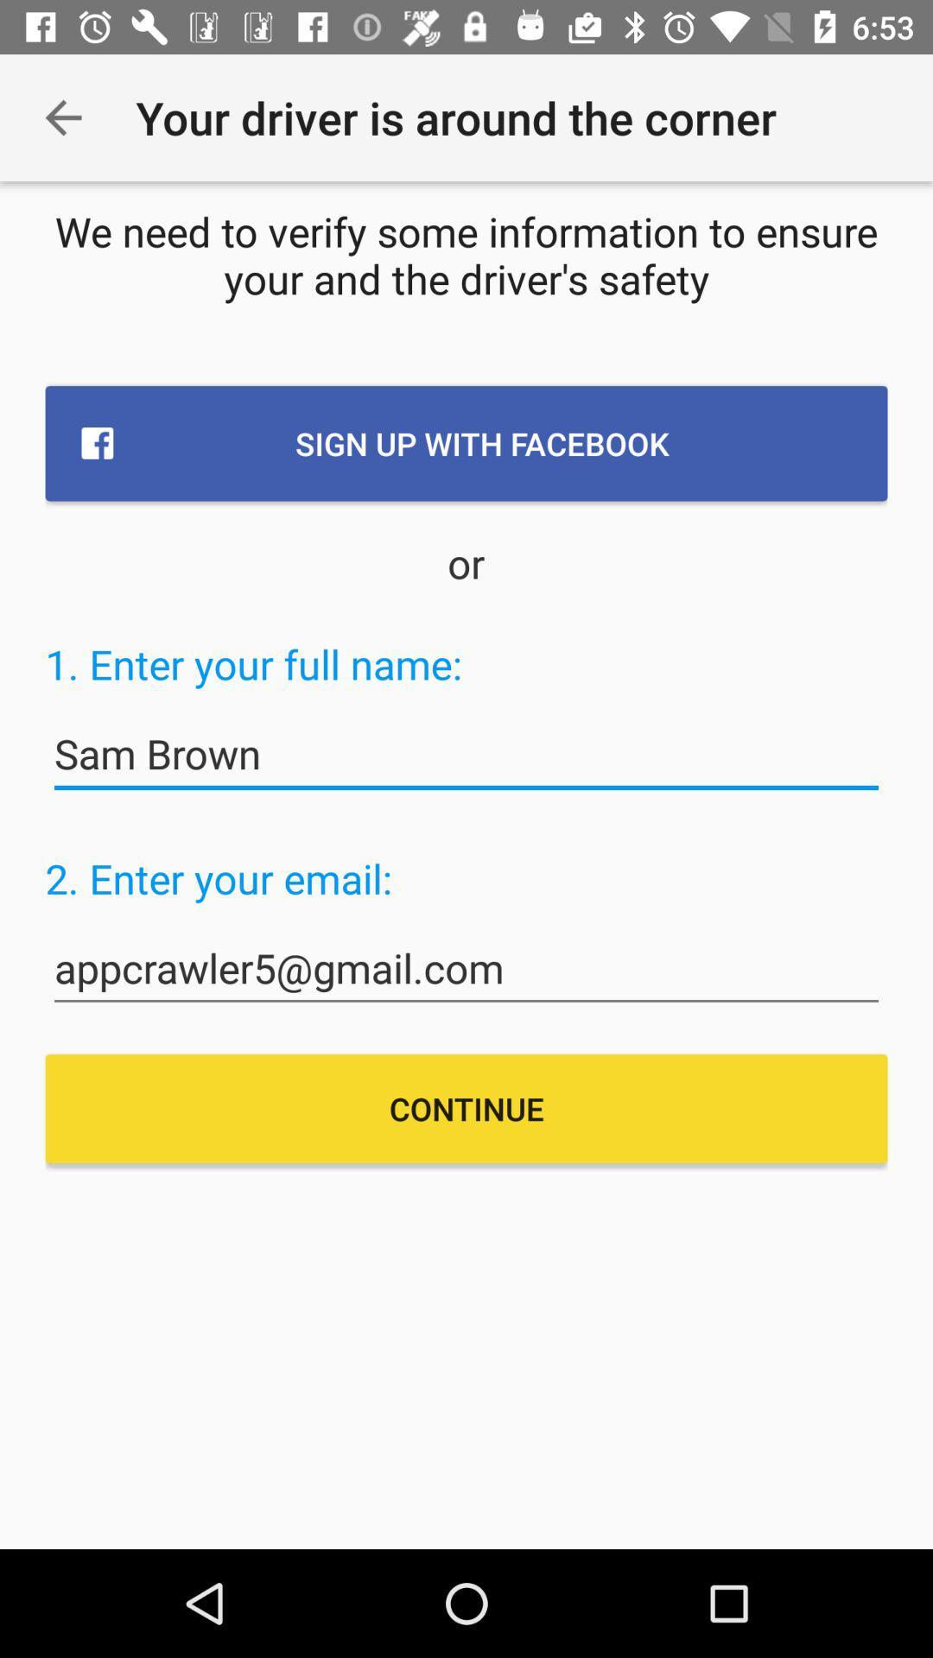 The image size is (933, 1658). Describe the element at coordinates (466, 754) in the screenshot. I see `the icon above the 2 enter your item` at that location.